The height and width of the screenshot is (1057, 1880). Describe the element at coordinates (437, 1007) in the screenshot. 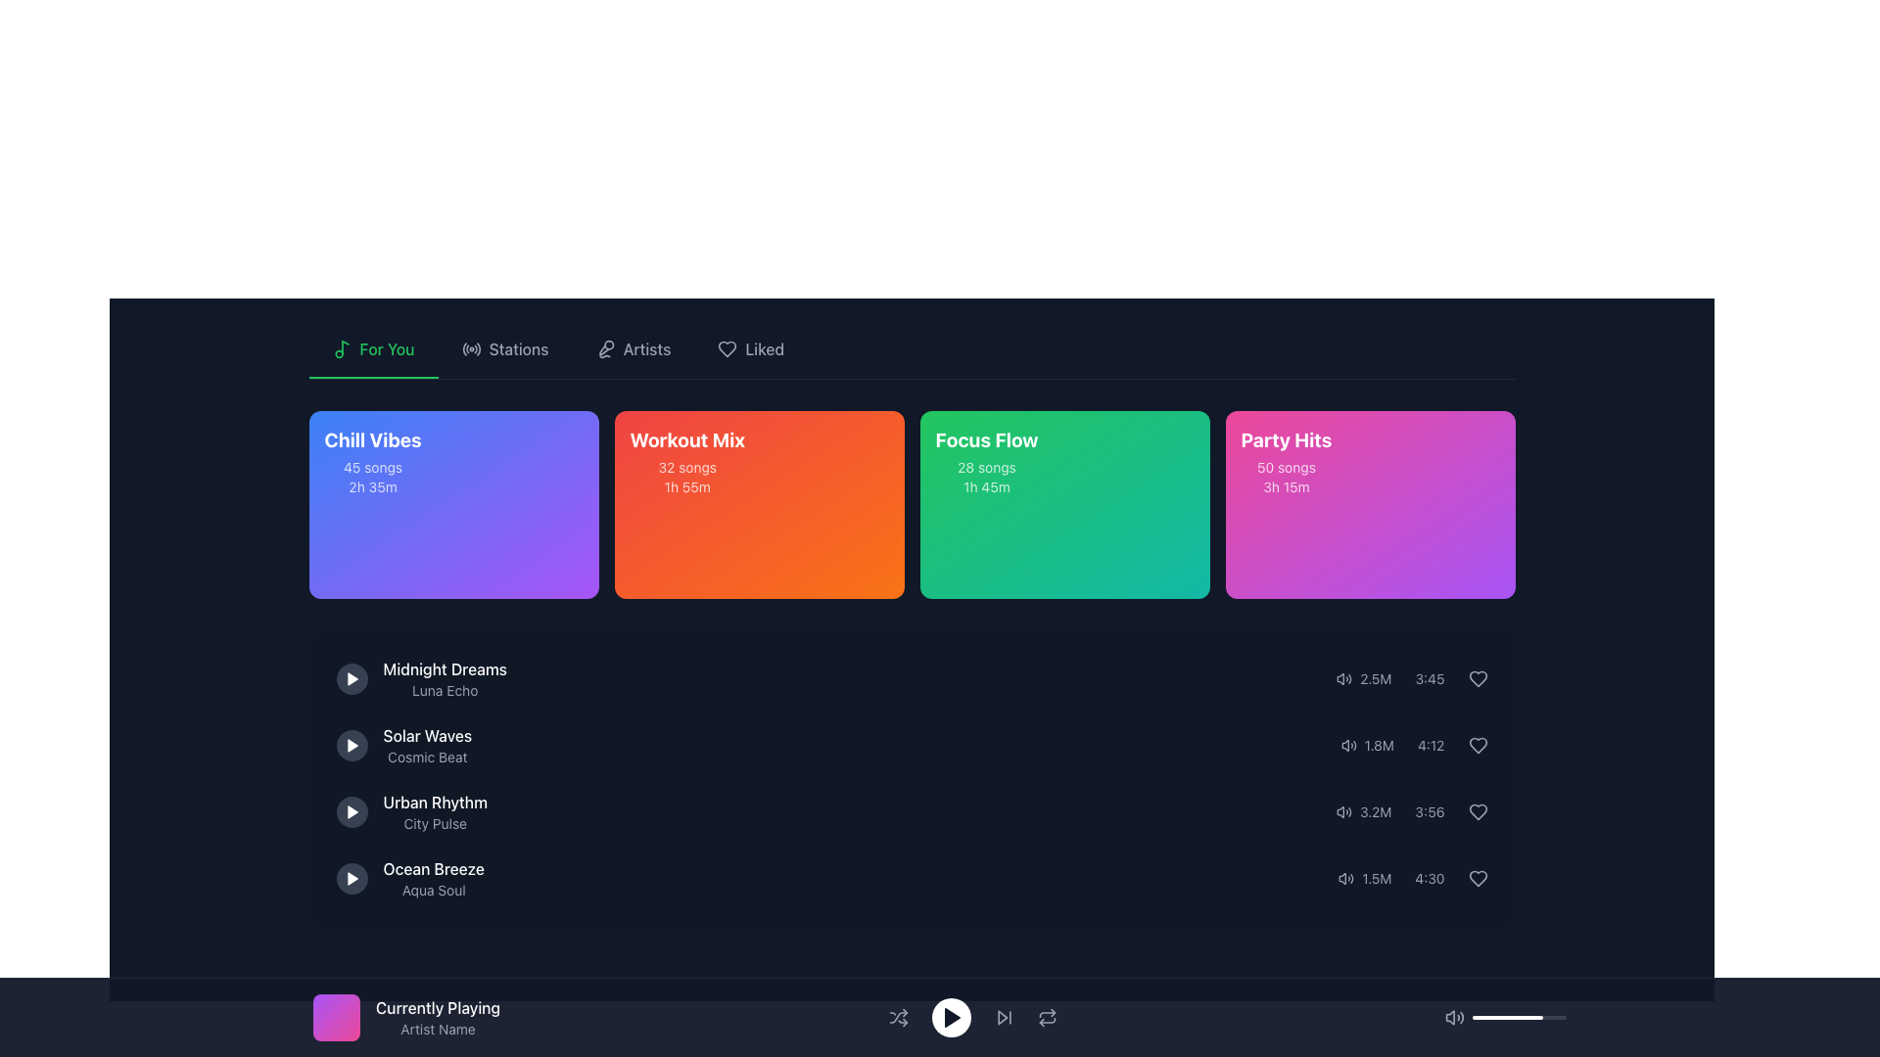

I see `the static text element that reads 'Currently Playing', which is styled in white on a dark background and located at the bottom-left of the interface, above 'Artist Name'` at that location.